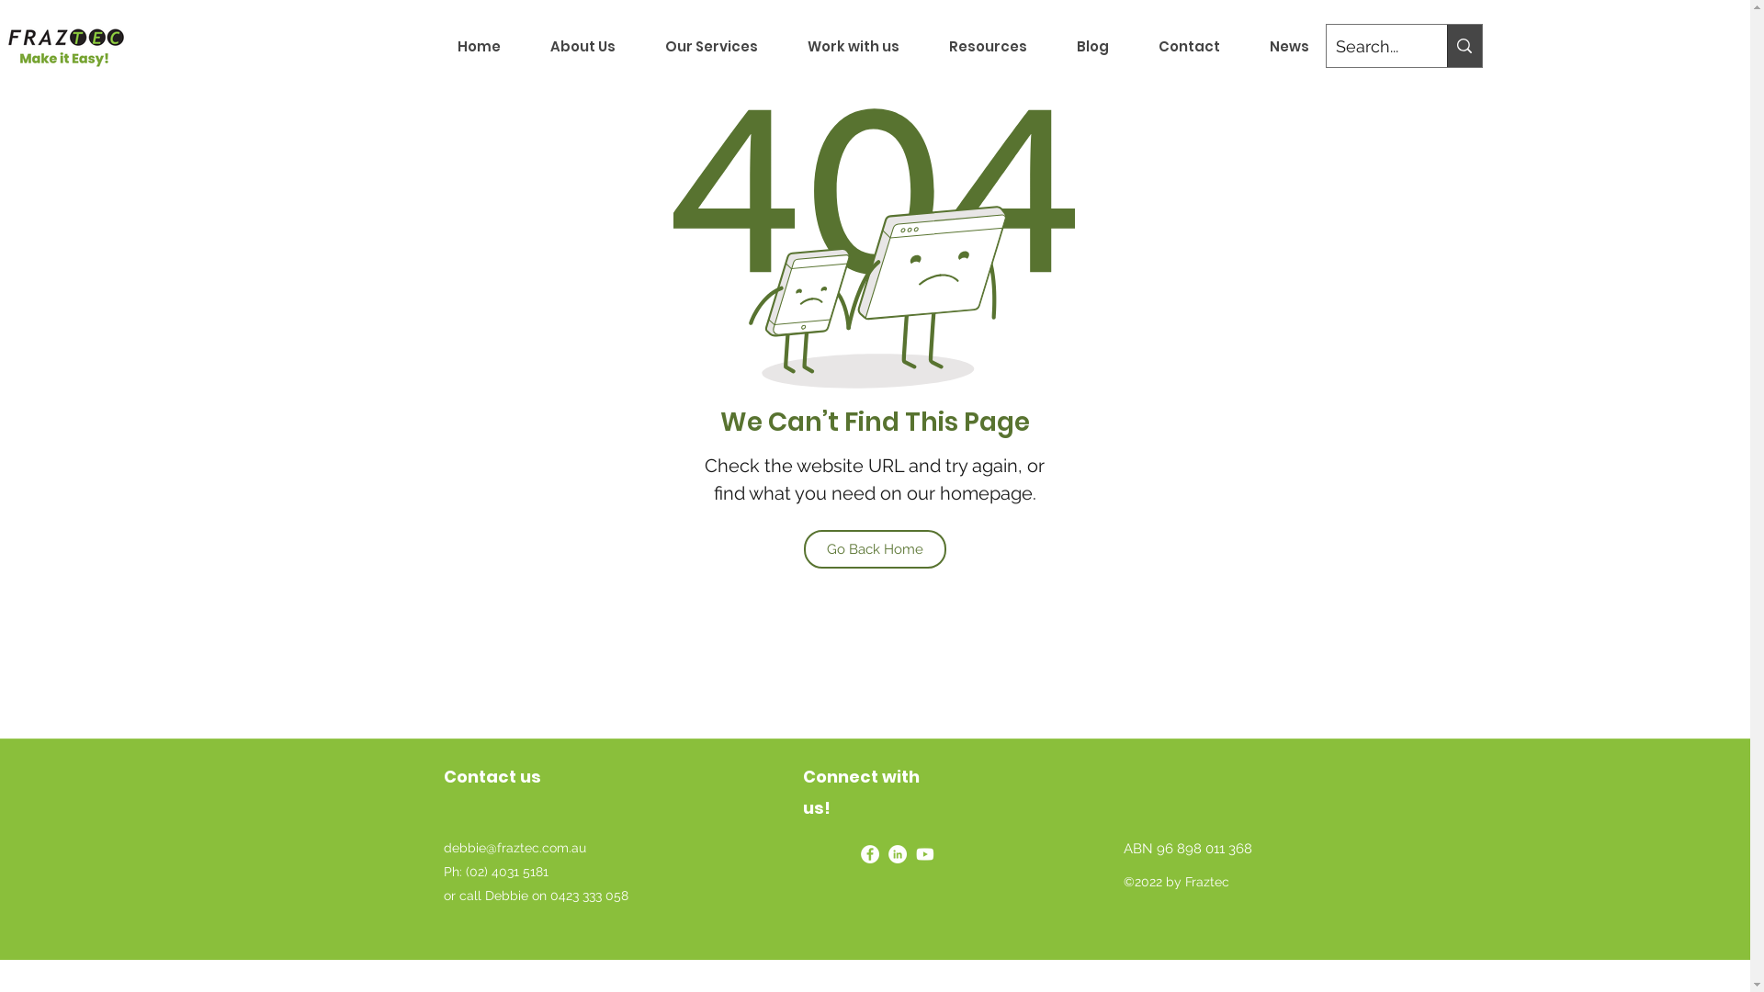 This screenshot has width=1764, height=992. Describe the element at coordinates (65, 45) in the screenshot. I see `'fraztec_make_it_easy_logo_highRes.png'` at that location.